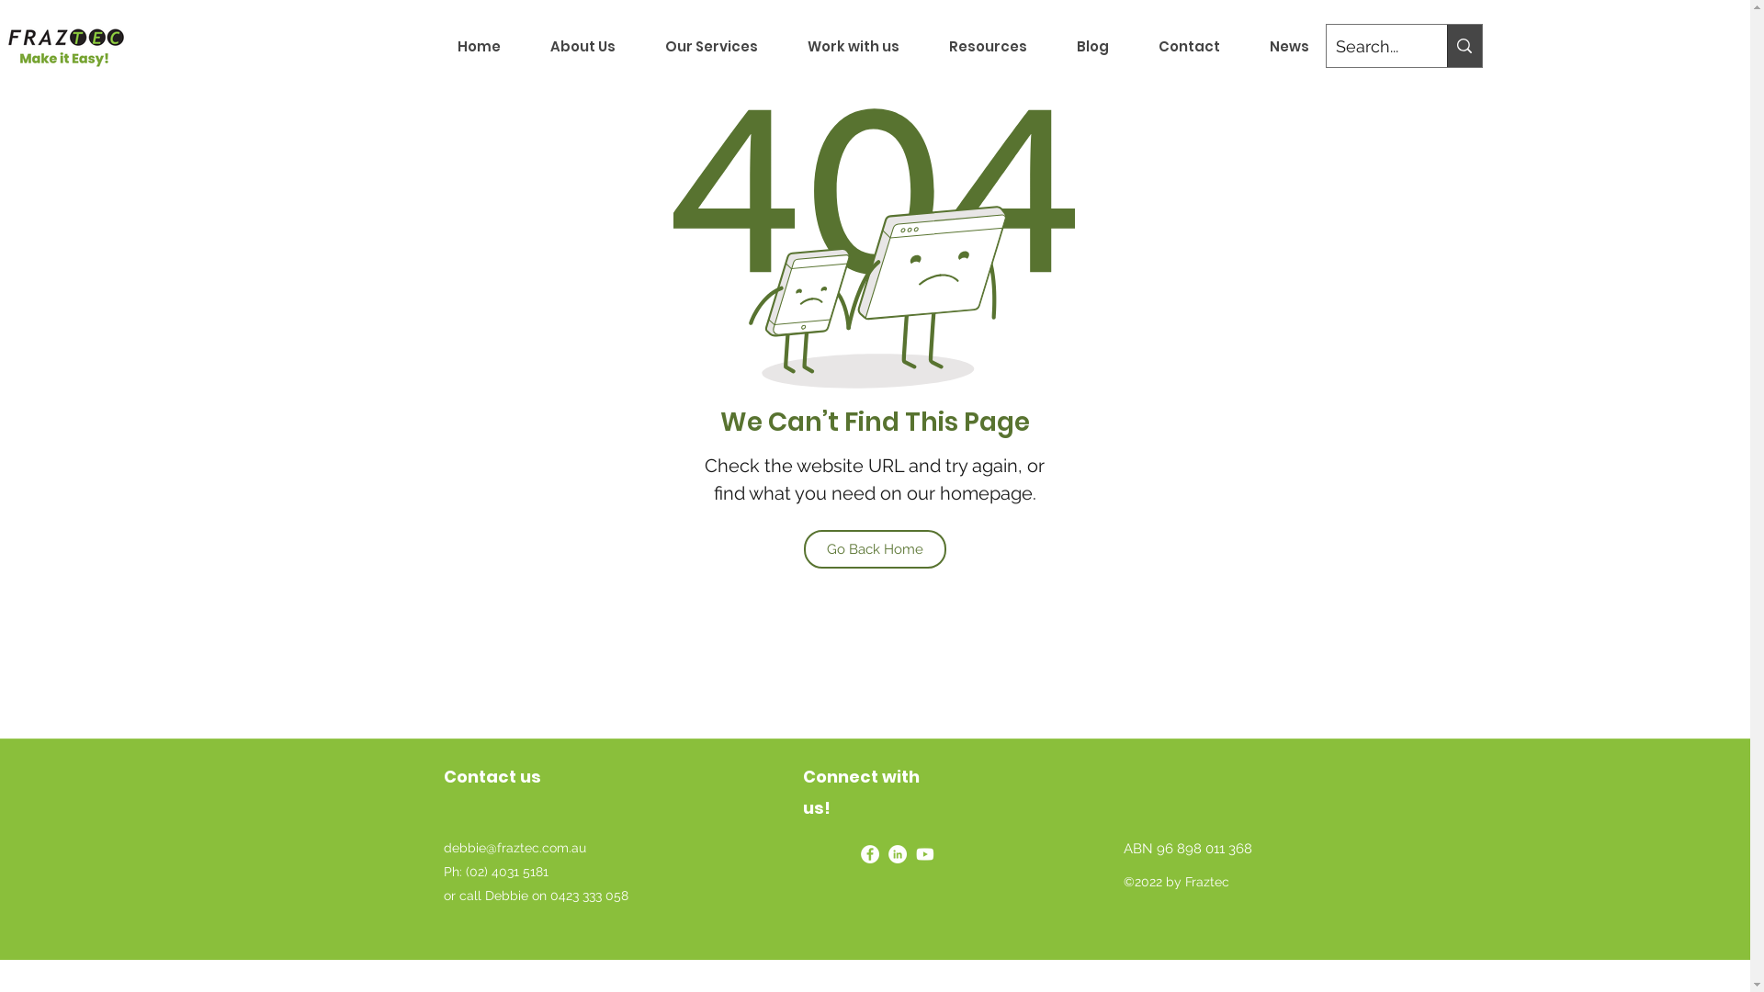 This screenshot has width=1764, height=992. Describe the element at coordinates (65, 45) in the screenshot. I see `'fraztec_make_it_easy_logo_highRes.png'` at that location.